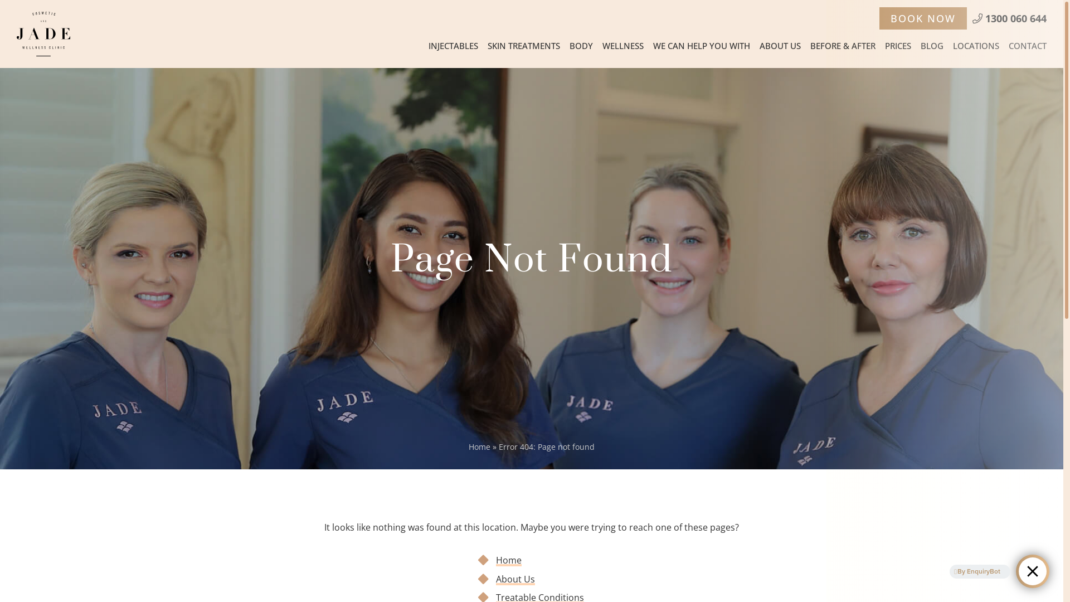 The image size is (1070, 602). I want to click on 'WE CAN HELP YOU WITH', so click(701, 45).